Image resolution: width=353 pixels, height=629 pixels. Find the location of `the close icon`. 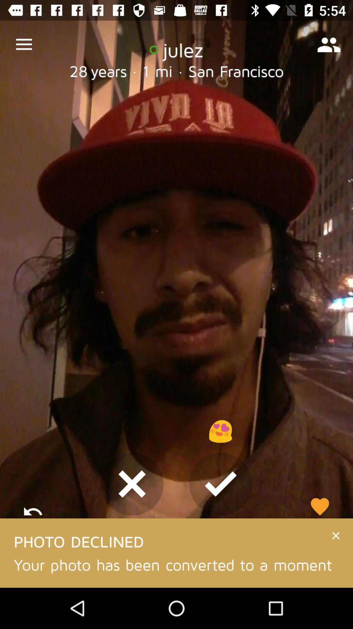

the close icon is located at coordinates (132, 484).